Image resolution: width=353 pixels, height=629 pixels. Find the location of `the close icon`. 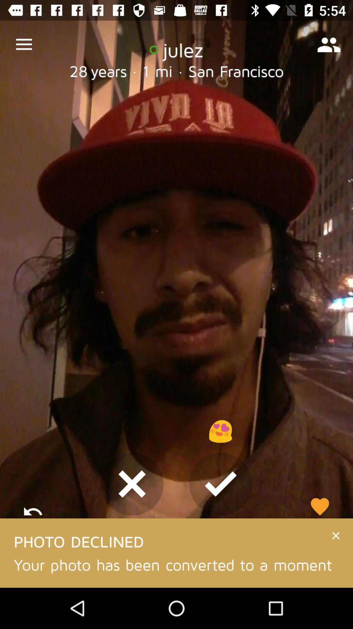

the close icon is located at coordinates (132, 484).